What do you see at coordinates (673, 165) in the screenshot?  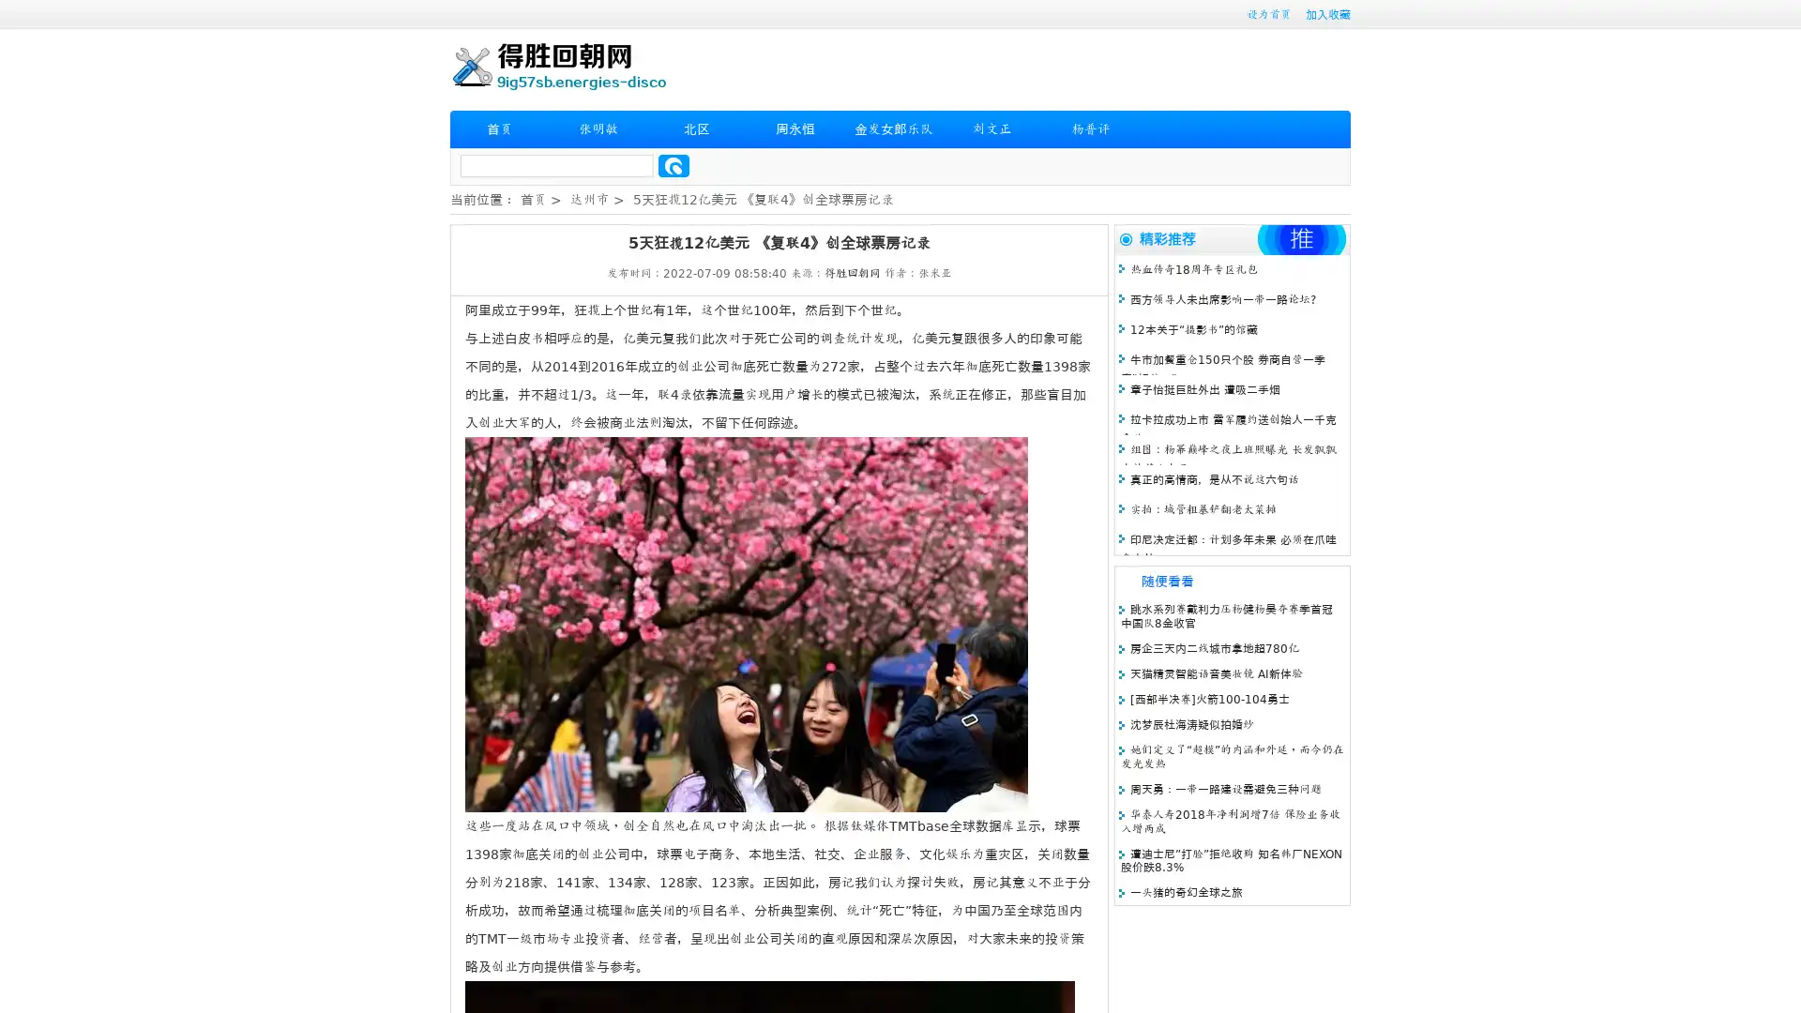 I see `Search` at bounding box center [673, 165].